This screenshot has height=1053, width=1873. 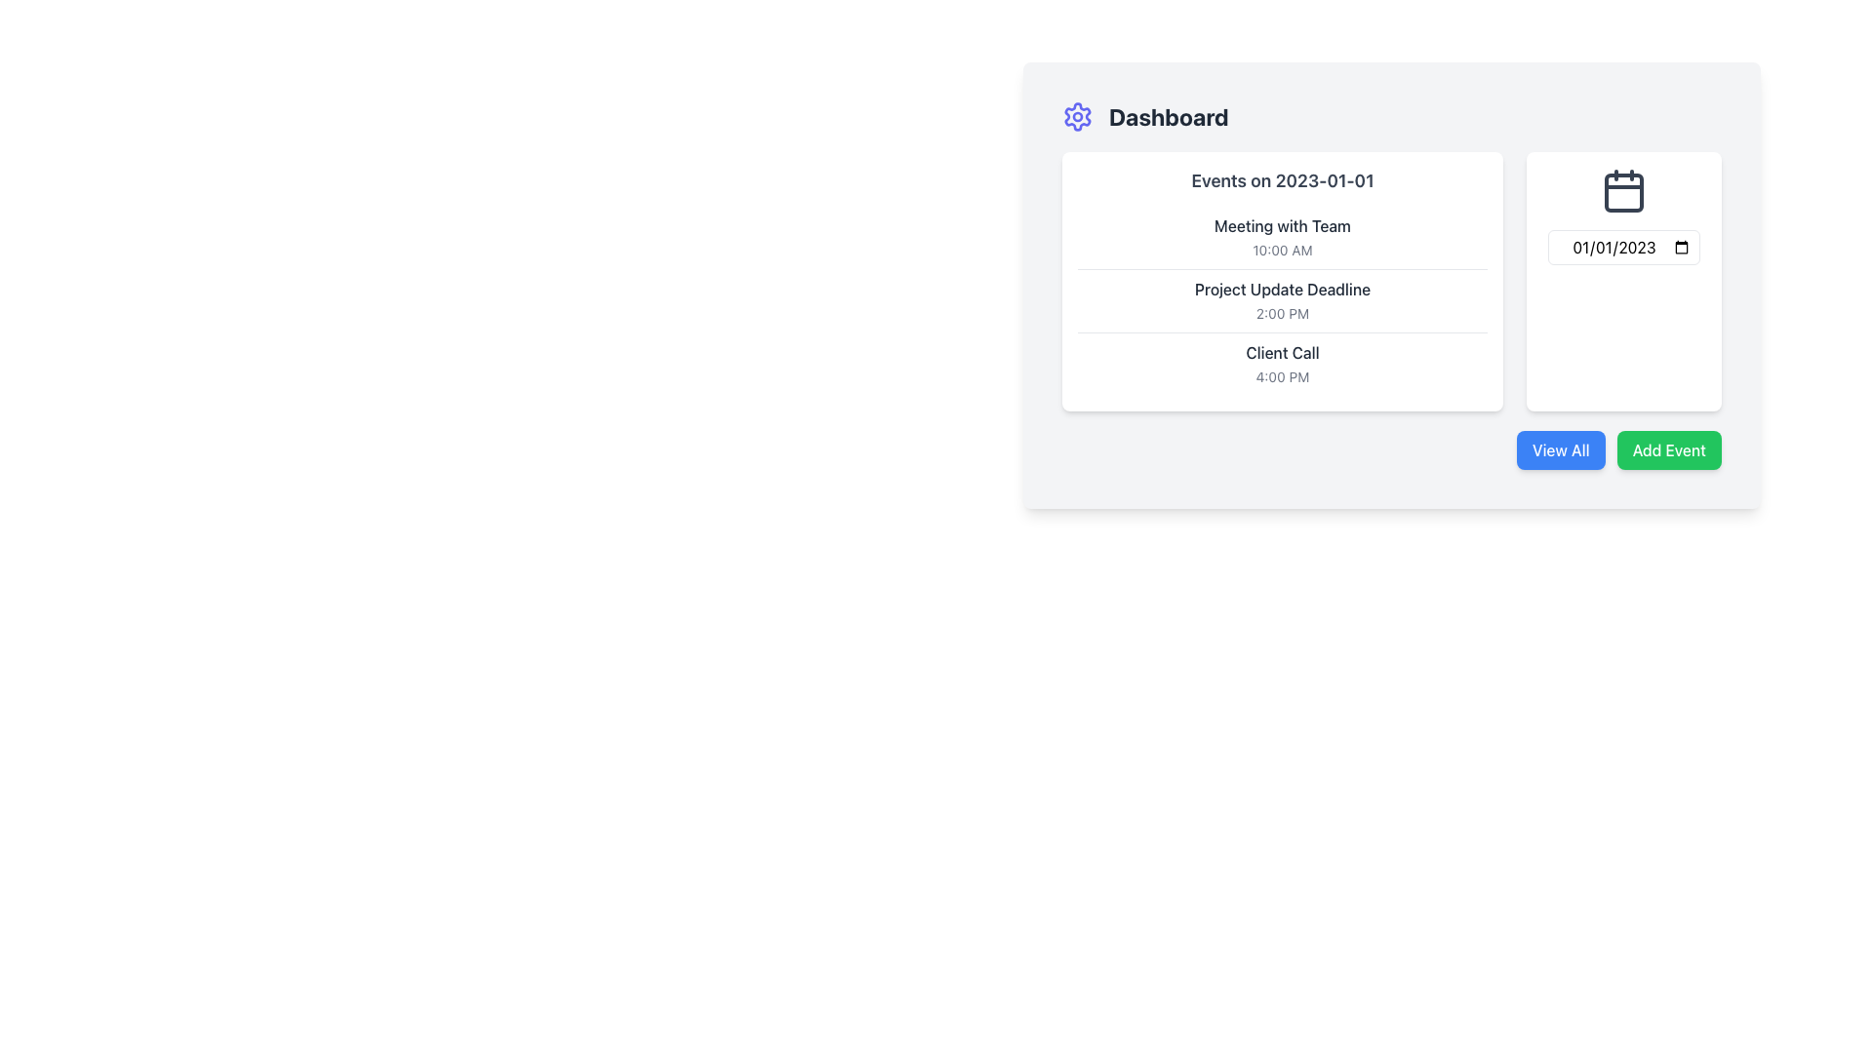 What do you see at coordinates (1283, 300) in the screenshot?
I see `the second entry titled 'Project Update Deadline' within the vertically ordered schedule view labeled 'Events on 2023-01-01'` at bounding box center [1283, 300].